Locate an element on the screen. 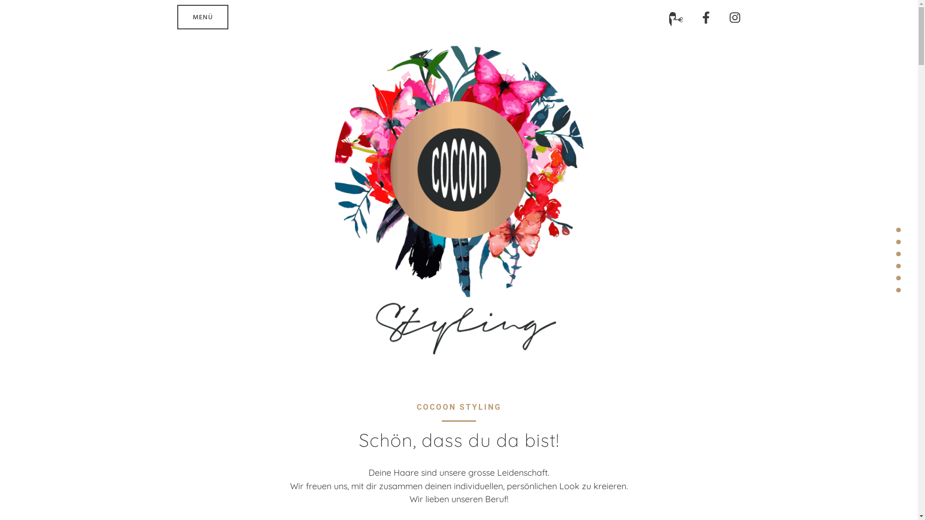  'Facebook-f' is located at coordinates (705, 17).